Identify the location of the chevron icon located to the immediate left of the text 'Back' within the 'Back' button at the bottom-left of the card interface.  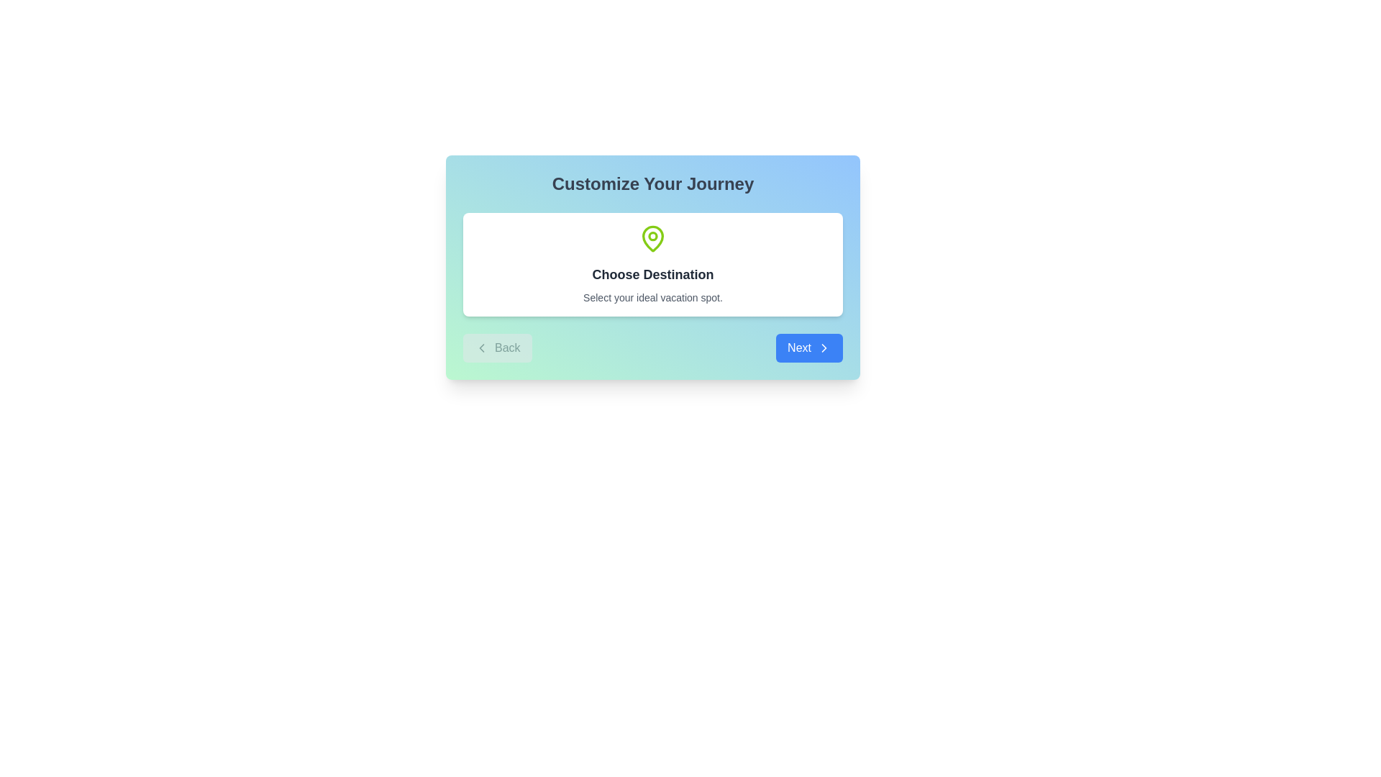
(482, 347).